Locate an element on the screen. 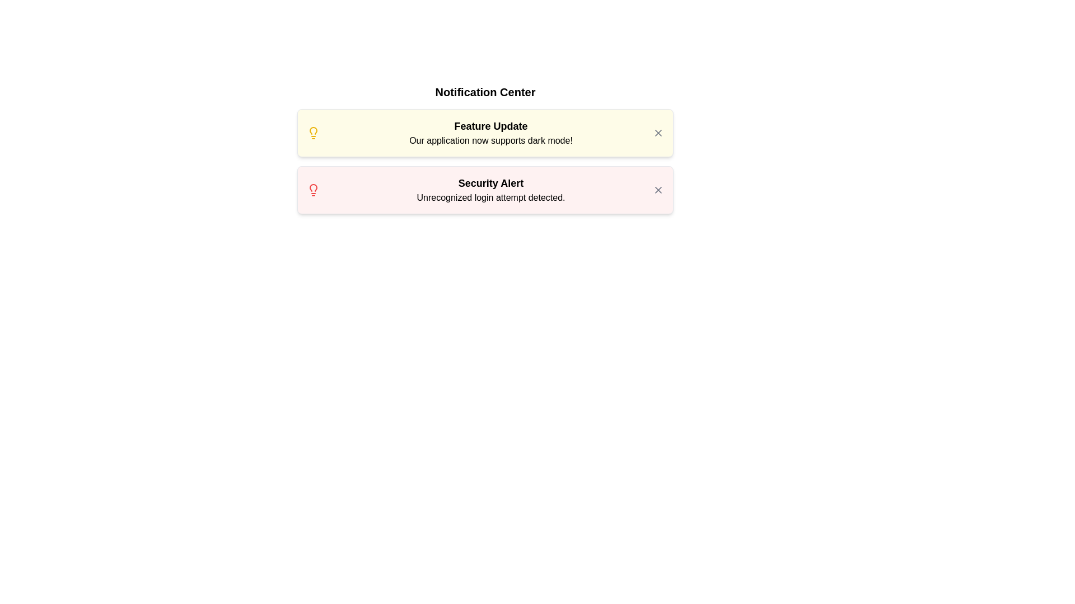  the 'Security Alert' text label is located at coordinates (491, 189).